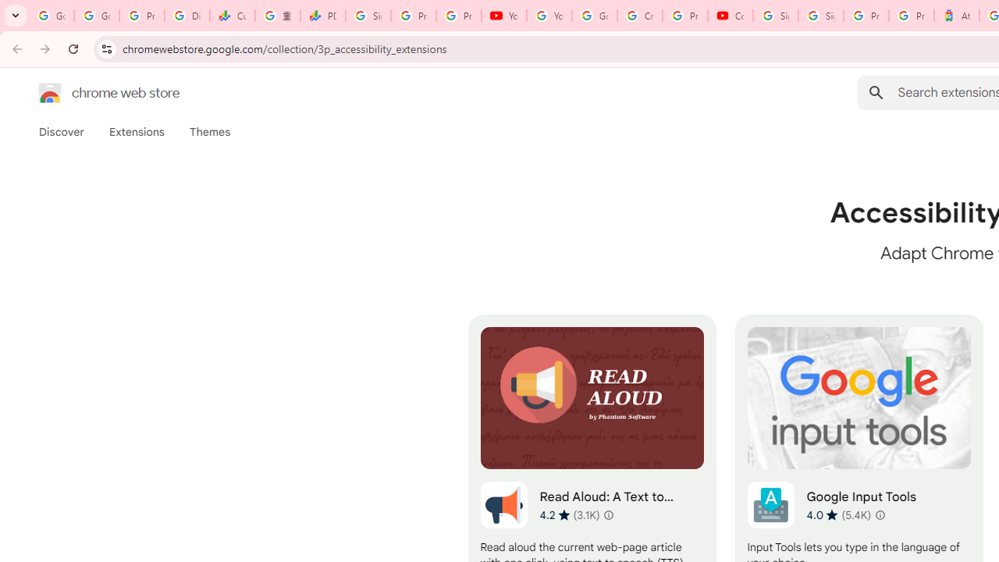  Describe the element at coordinates (880, 514) in the screenshot. I see `'Learn more about results and reviews "Google Input Tools"'` at that location.